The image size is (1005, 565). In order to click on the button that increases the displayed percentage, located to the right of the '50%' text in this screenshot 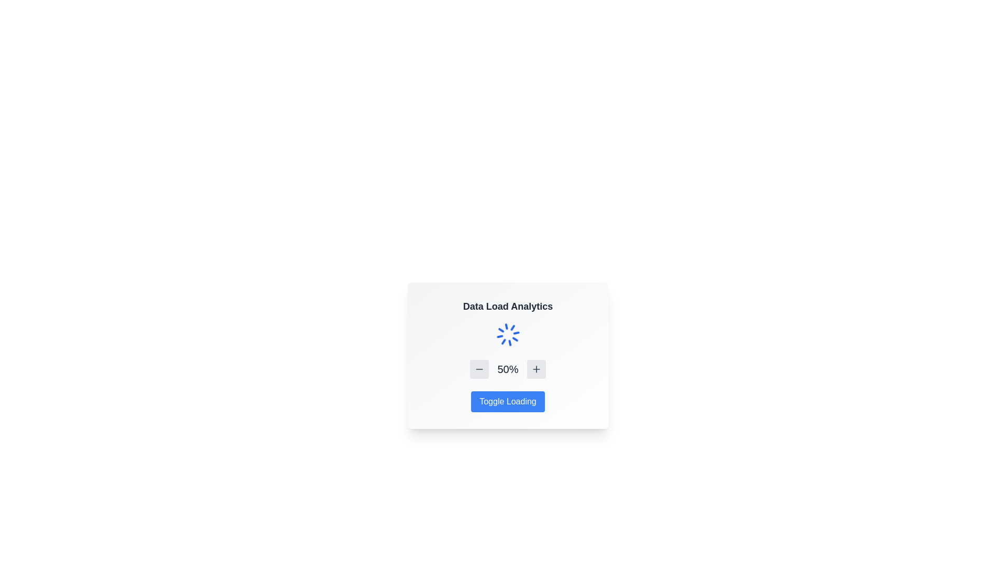, I will do `click(536, 368)`.